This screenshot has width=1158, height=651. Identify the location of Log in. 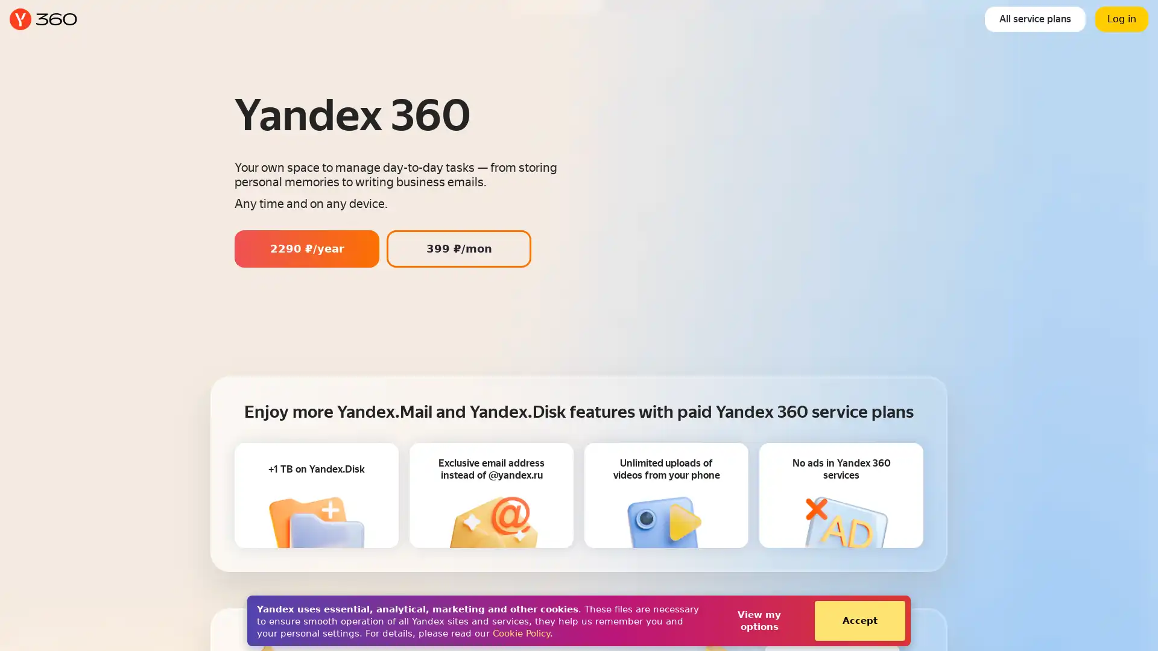
(1121, 19).